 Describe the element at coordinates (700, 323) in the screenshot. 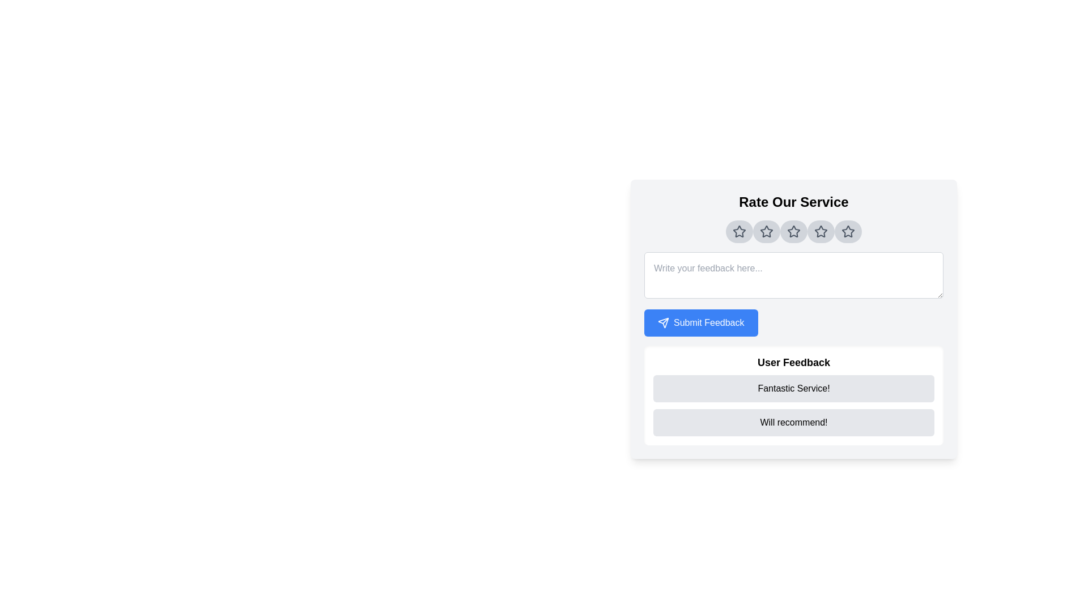

I see `the 'Submit Feedback' button, which is a rectangular button with rounded corners, styled with a blue background and white text` at that location.